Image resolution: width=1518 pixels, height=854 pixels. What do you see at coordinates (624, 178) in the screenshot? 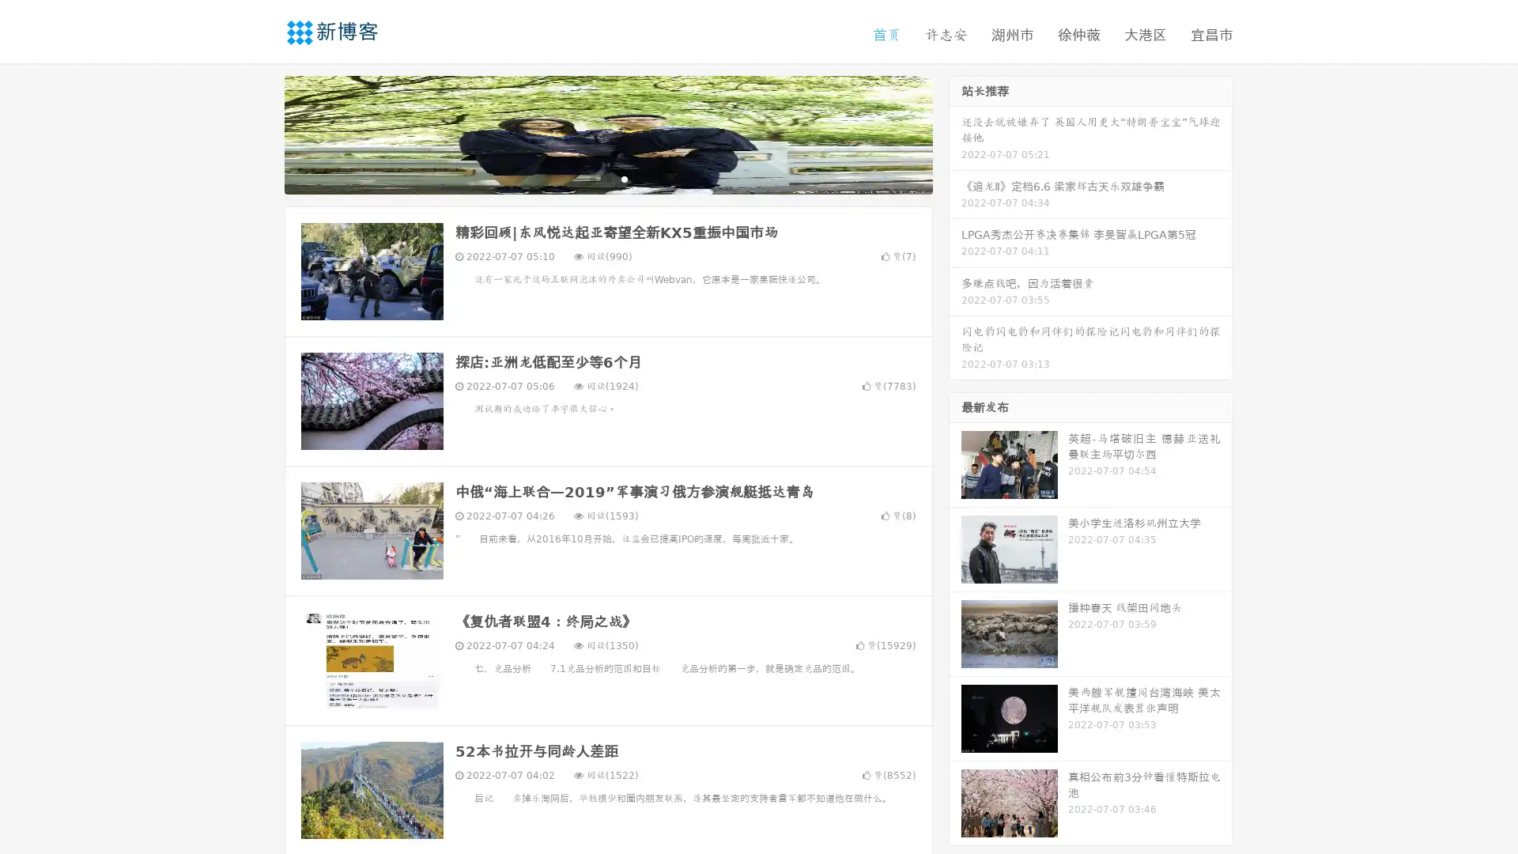
I see `Go to slide 3` at bounding box center [624, 178].